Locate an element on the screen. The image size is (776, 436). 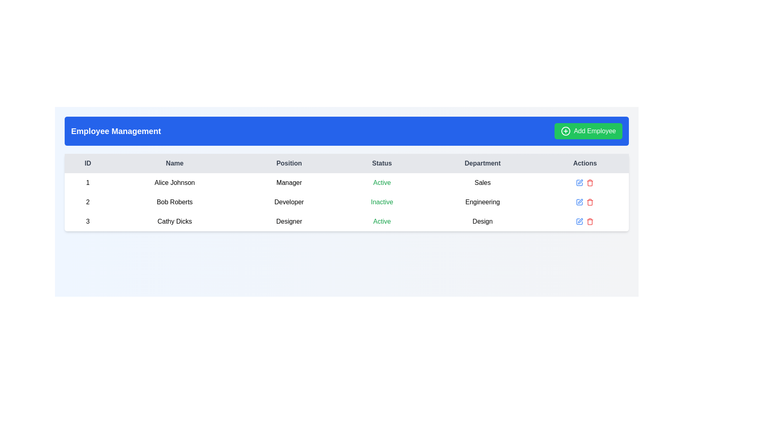
the Icon Button in the last column of the third row of the table under 'Actions' is located at coordinates (590, 221).